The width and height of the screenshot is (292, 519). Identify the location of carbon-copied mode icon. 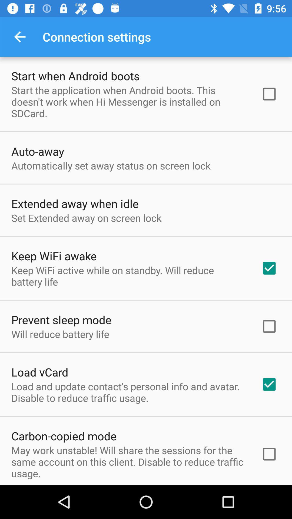
(64, 436).